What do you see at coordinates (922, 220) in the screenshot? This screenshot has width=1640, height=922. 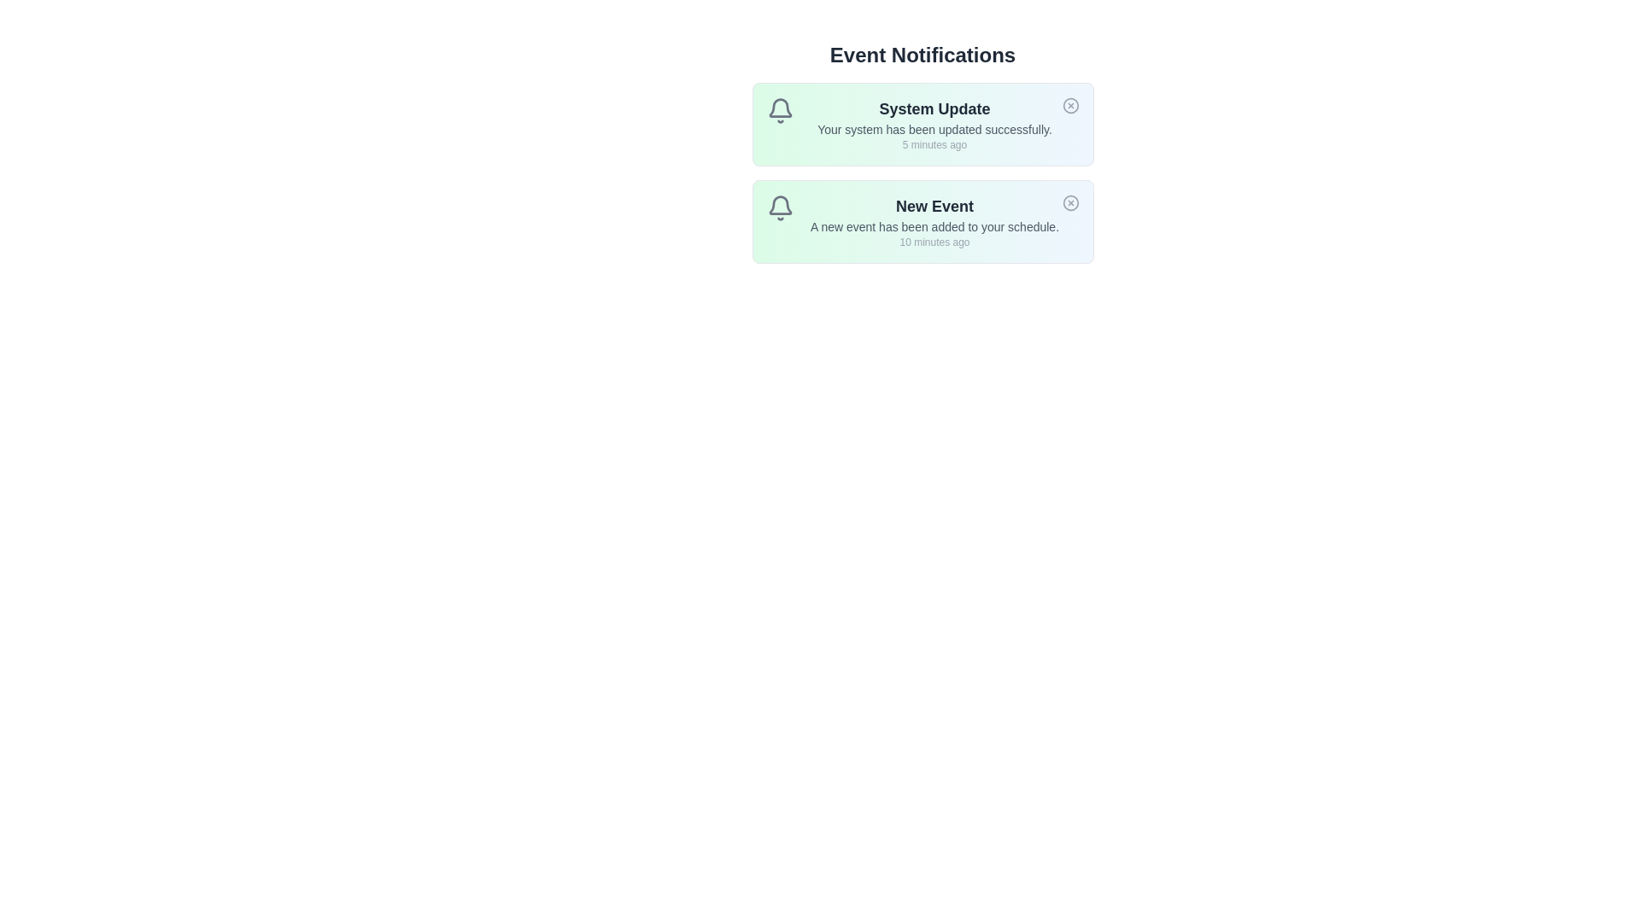 I see `the notification titled New Event to read its details` at bounding box center [922, 220].